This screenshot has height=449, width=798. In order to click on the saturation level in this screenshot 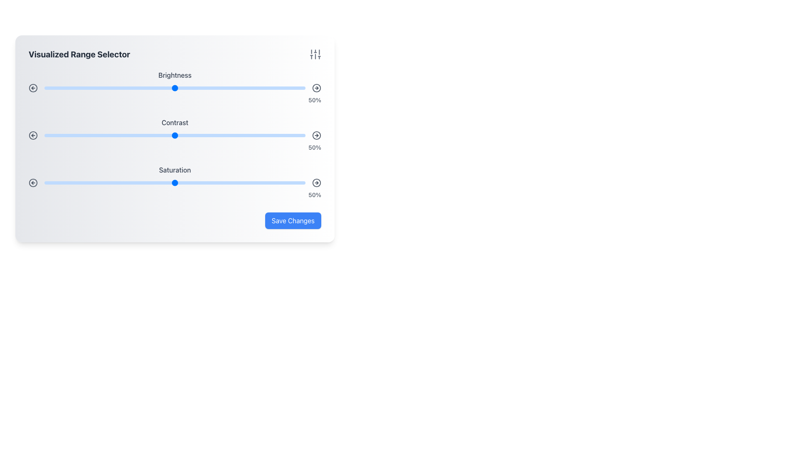, I will do `click(302, 182)`.